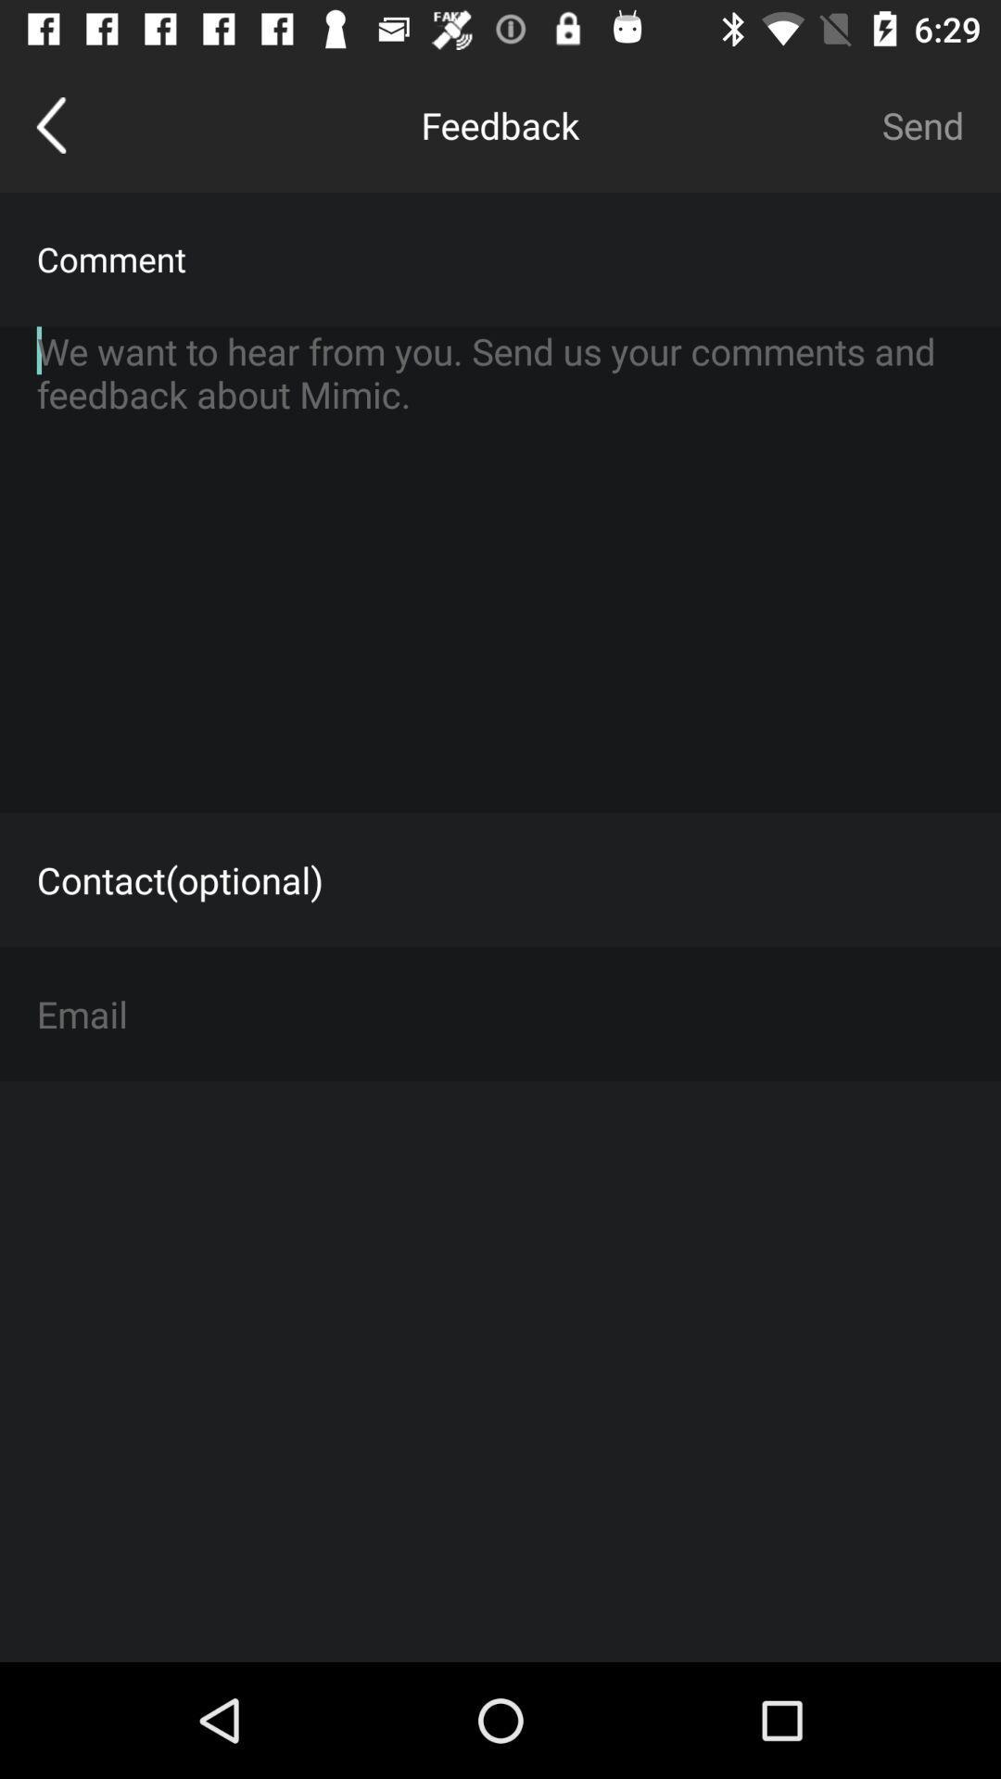  What do you see at coordinates (922, 124) in the screenshot?
I see `the item to the right of feedback item` at bounding box center [922, 124].